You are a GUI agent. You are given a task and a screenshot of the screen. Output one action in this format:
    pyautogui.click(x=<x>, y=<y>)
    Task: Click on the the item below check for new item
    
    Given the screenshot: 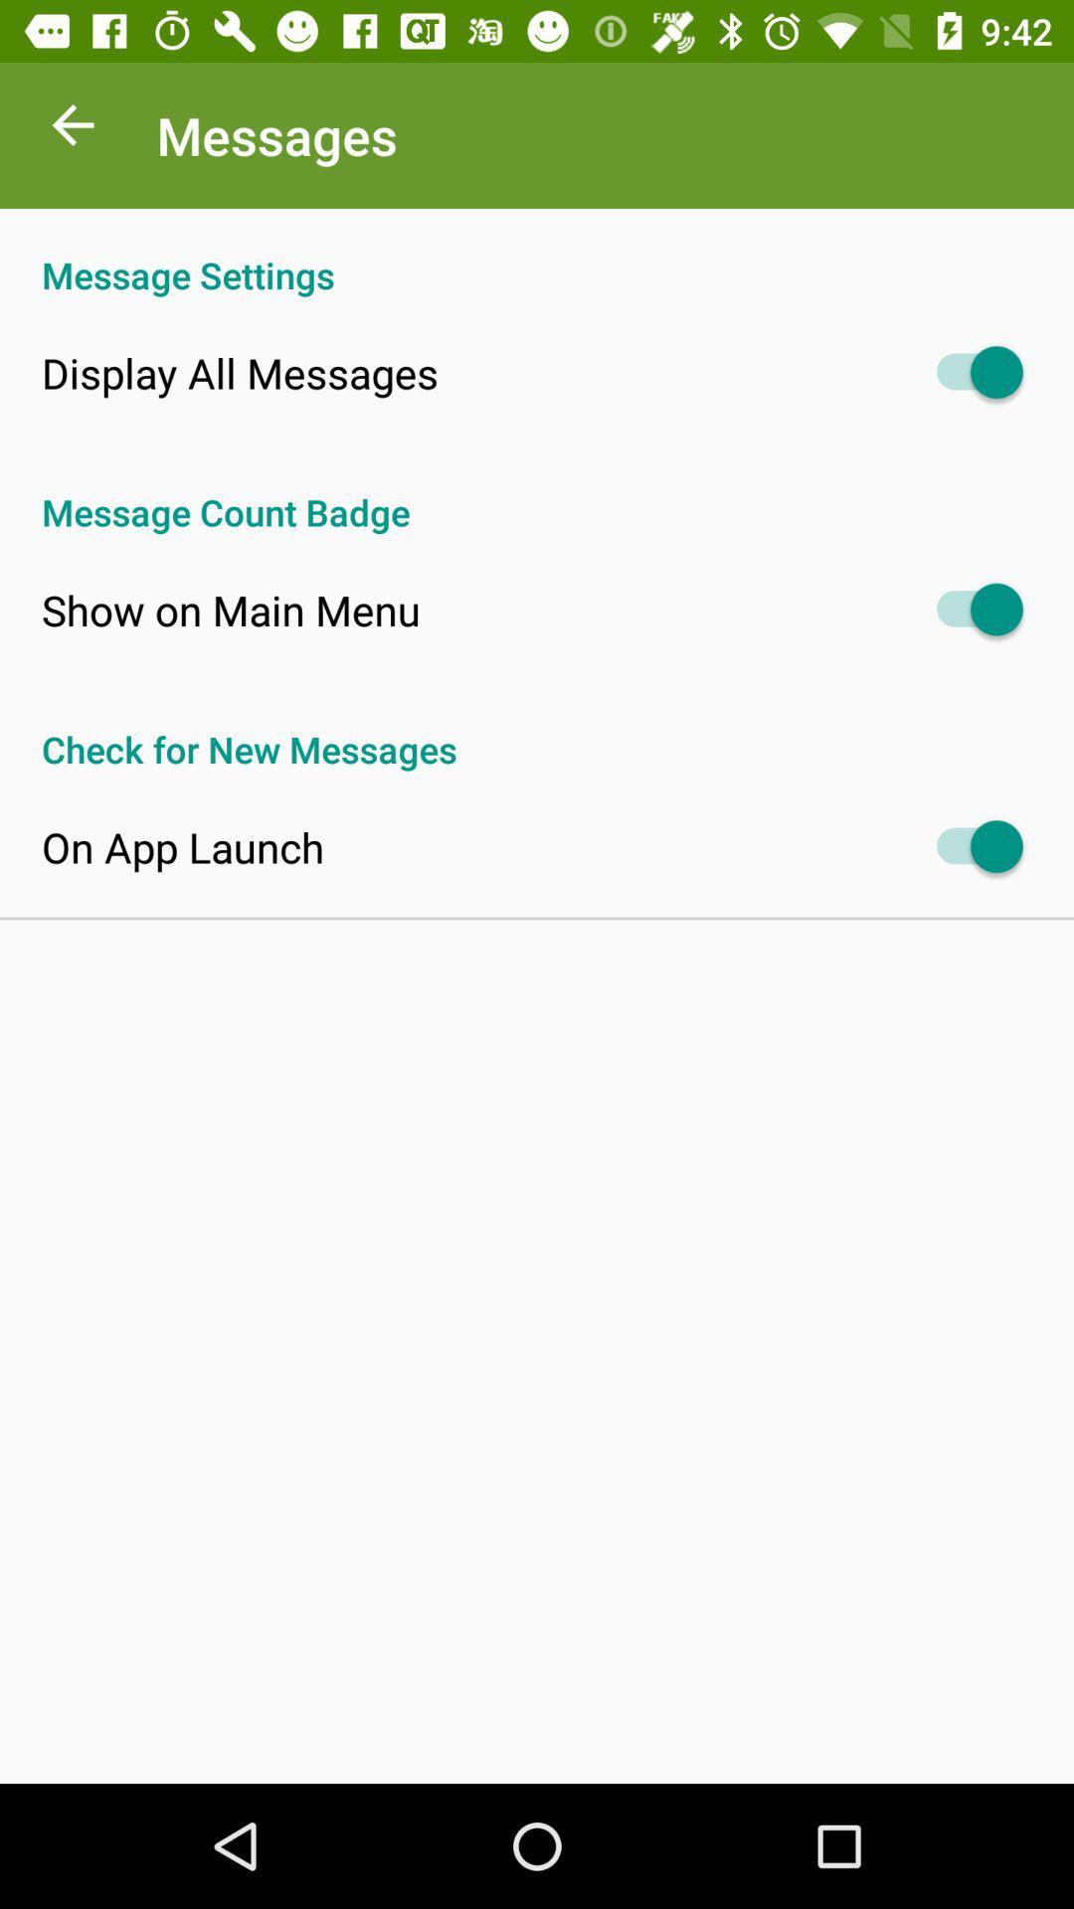 What is the action you would take?
    pyautogui.click(x=183, y=847)
    